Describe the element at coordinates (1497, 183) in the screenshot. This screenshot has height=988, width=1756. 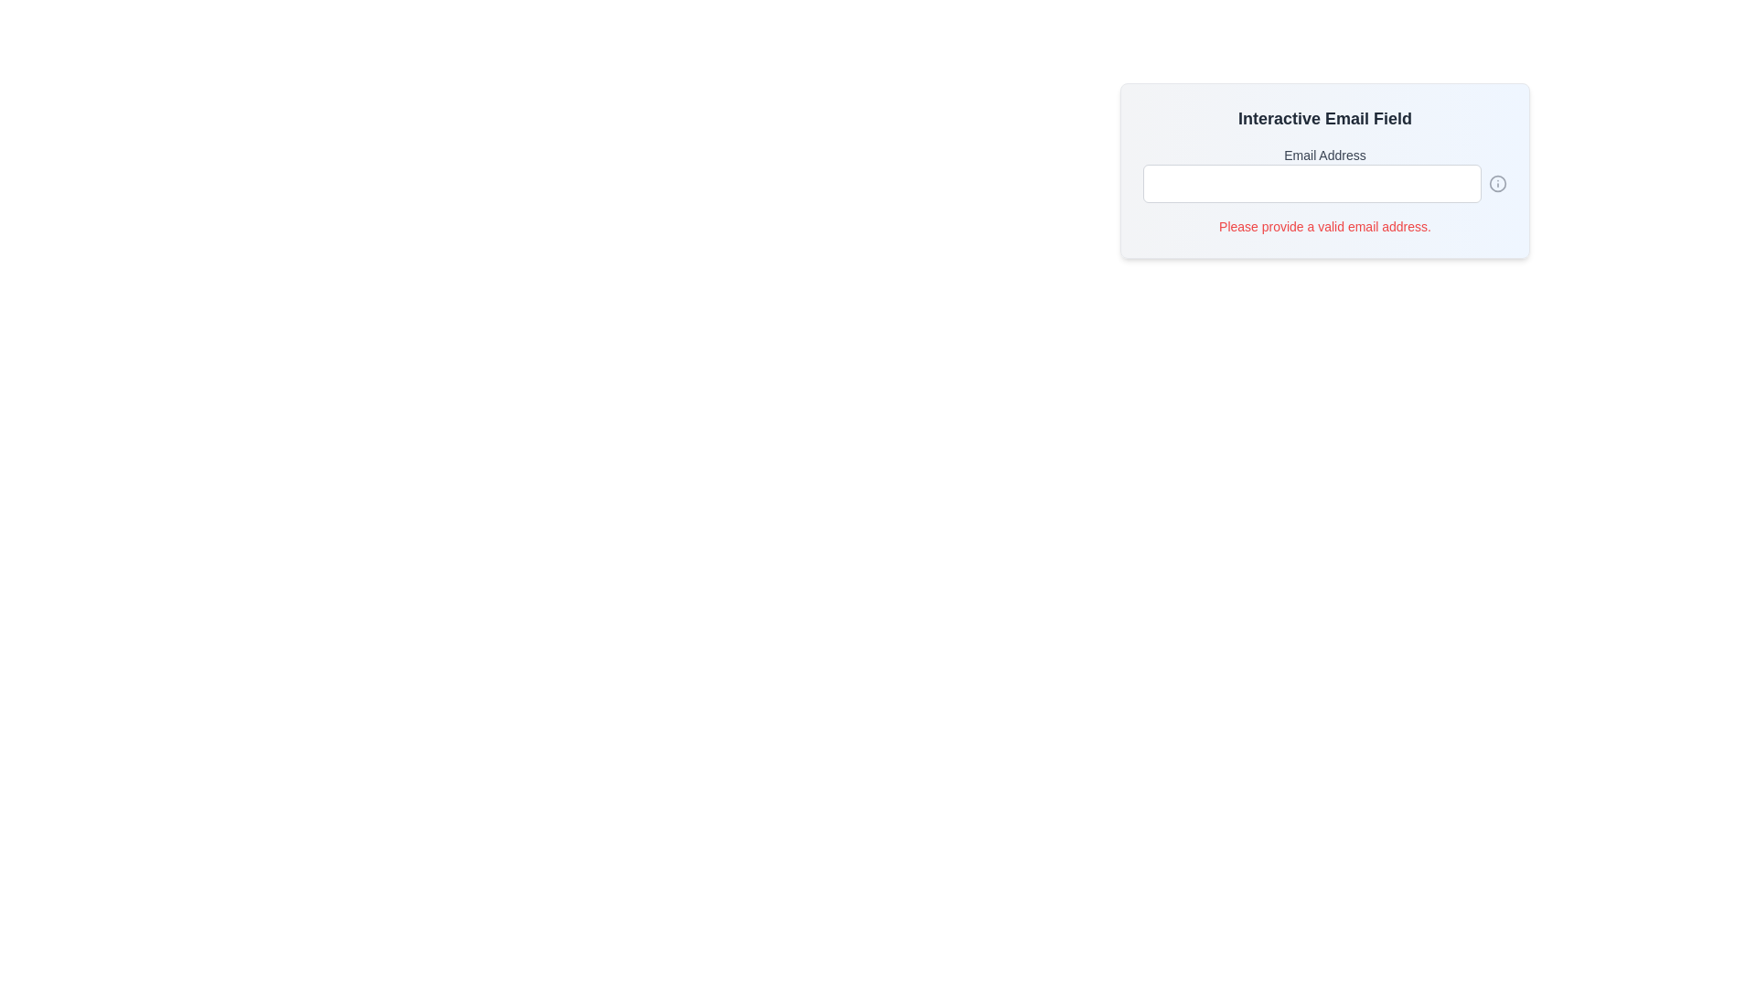
I see `the decorative SVG circle element that is part of the 'info' icon next to the 'Email Address' input field` at that location.